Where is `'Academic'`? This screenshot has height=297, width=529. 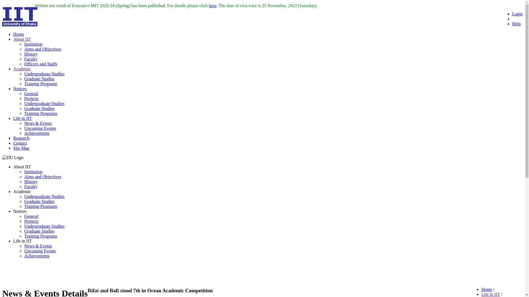
'Academic' is located at coordinates (22, 68).